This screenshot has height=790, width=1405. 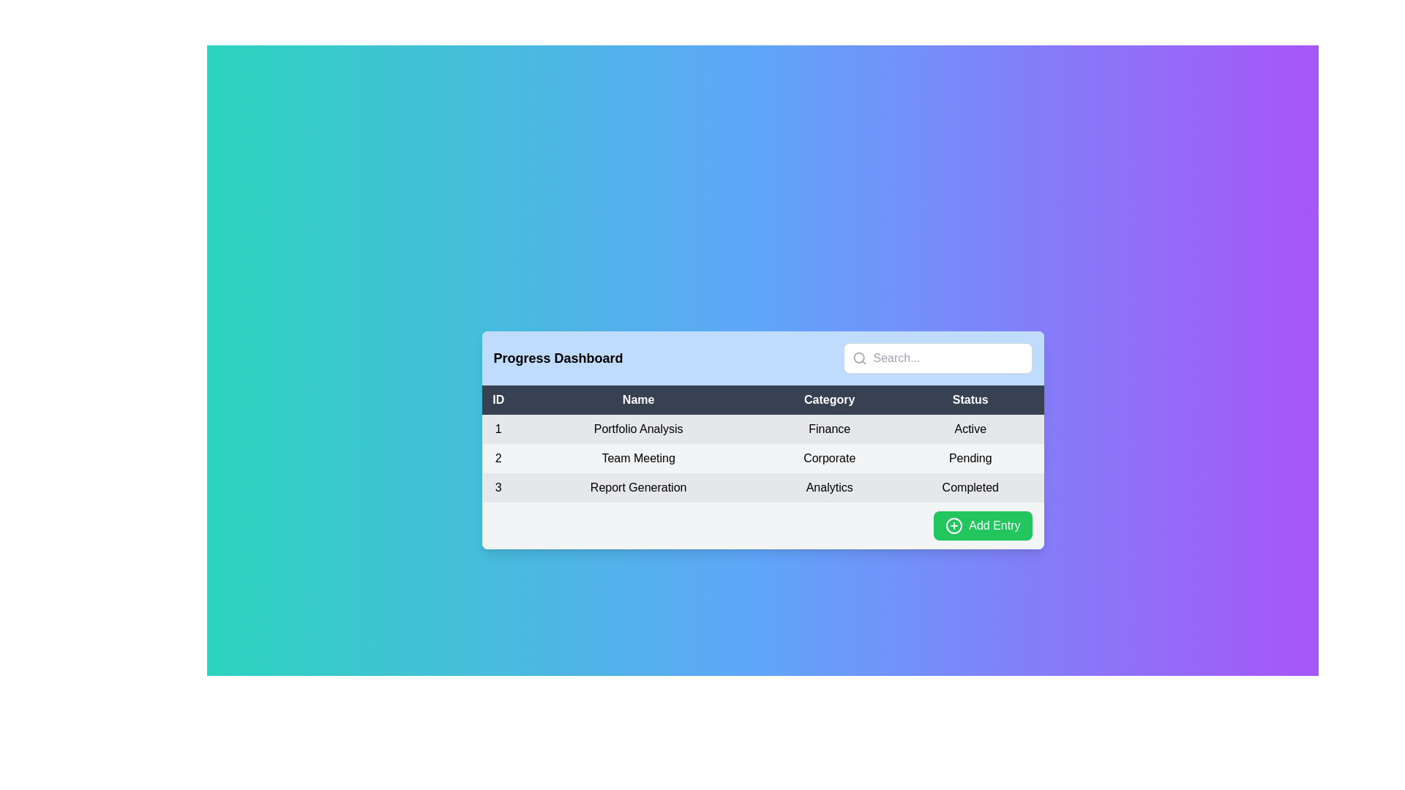 I want to click on the cell in the second row of the table containing '2', 'Team Meeting', 'Corporate', and 'Pending', so click(x=762, y=458).